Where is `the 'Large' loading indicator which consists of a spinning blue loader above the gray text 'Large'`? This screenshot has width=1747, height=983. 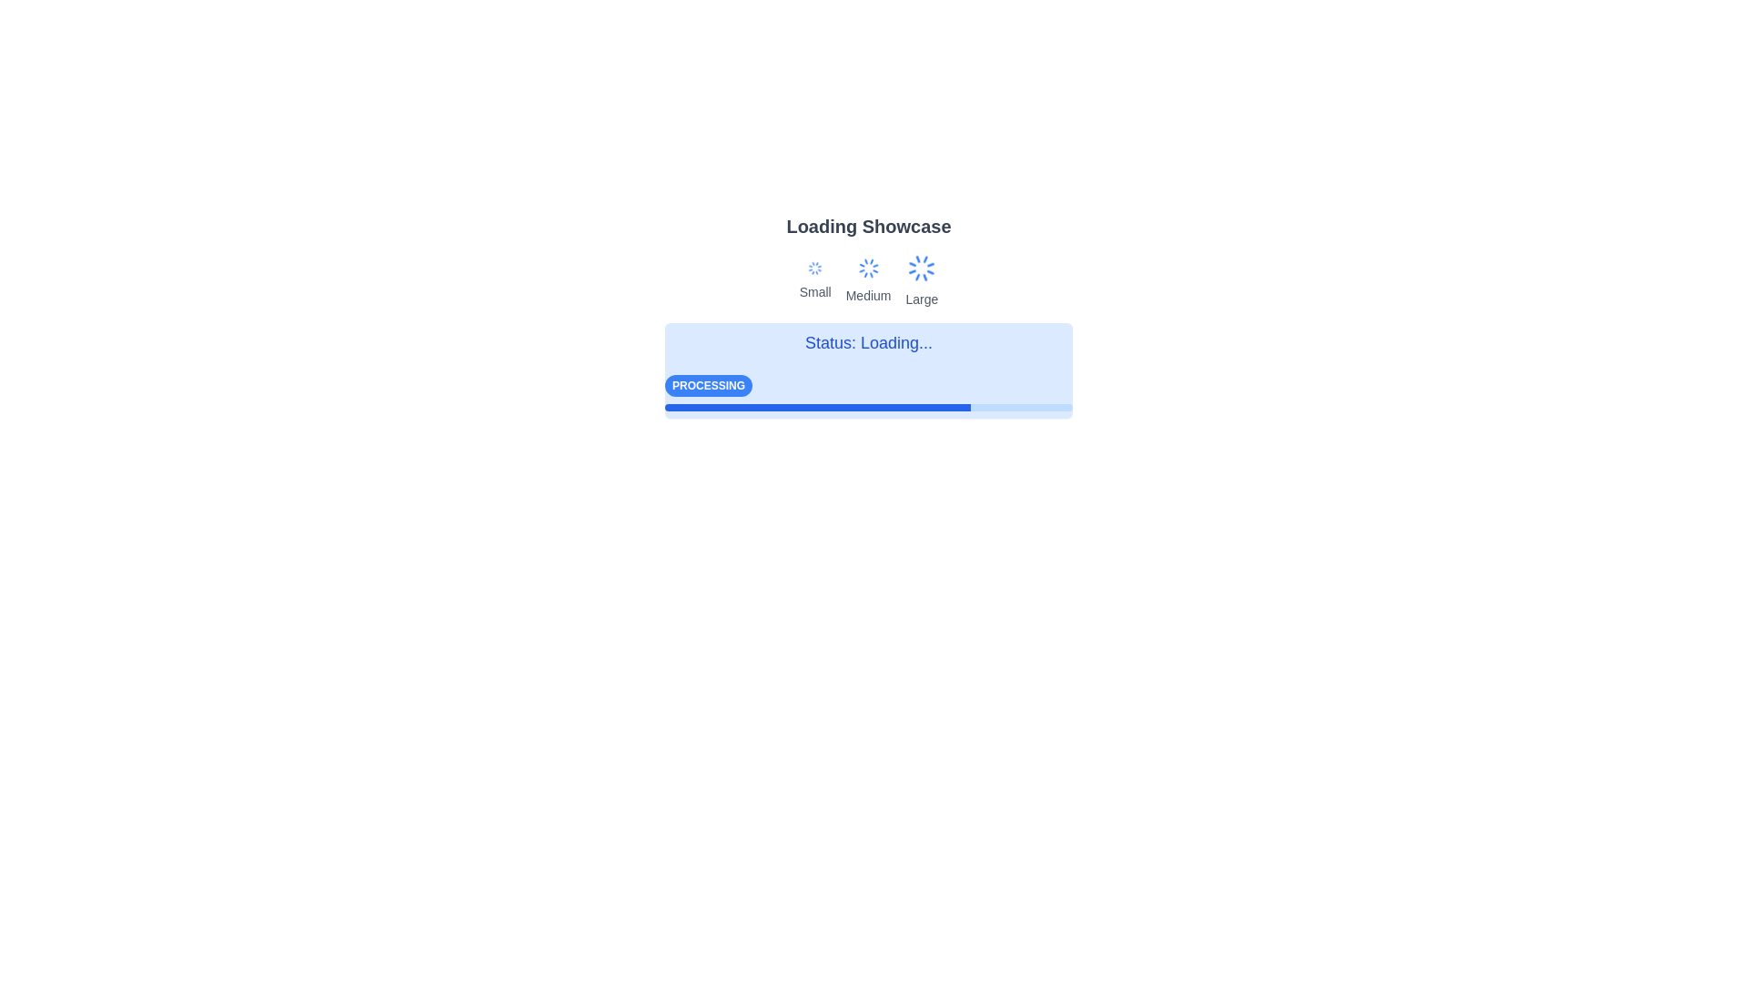 the 'Large' loading indicator which consists of a spinning blue loader above the gray text 'Large' is located at coordinates (922, 280).